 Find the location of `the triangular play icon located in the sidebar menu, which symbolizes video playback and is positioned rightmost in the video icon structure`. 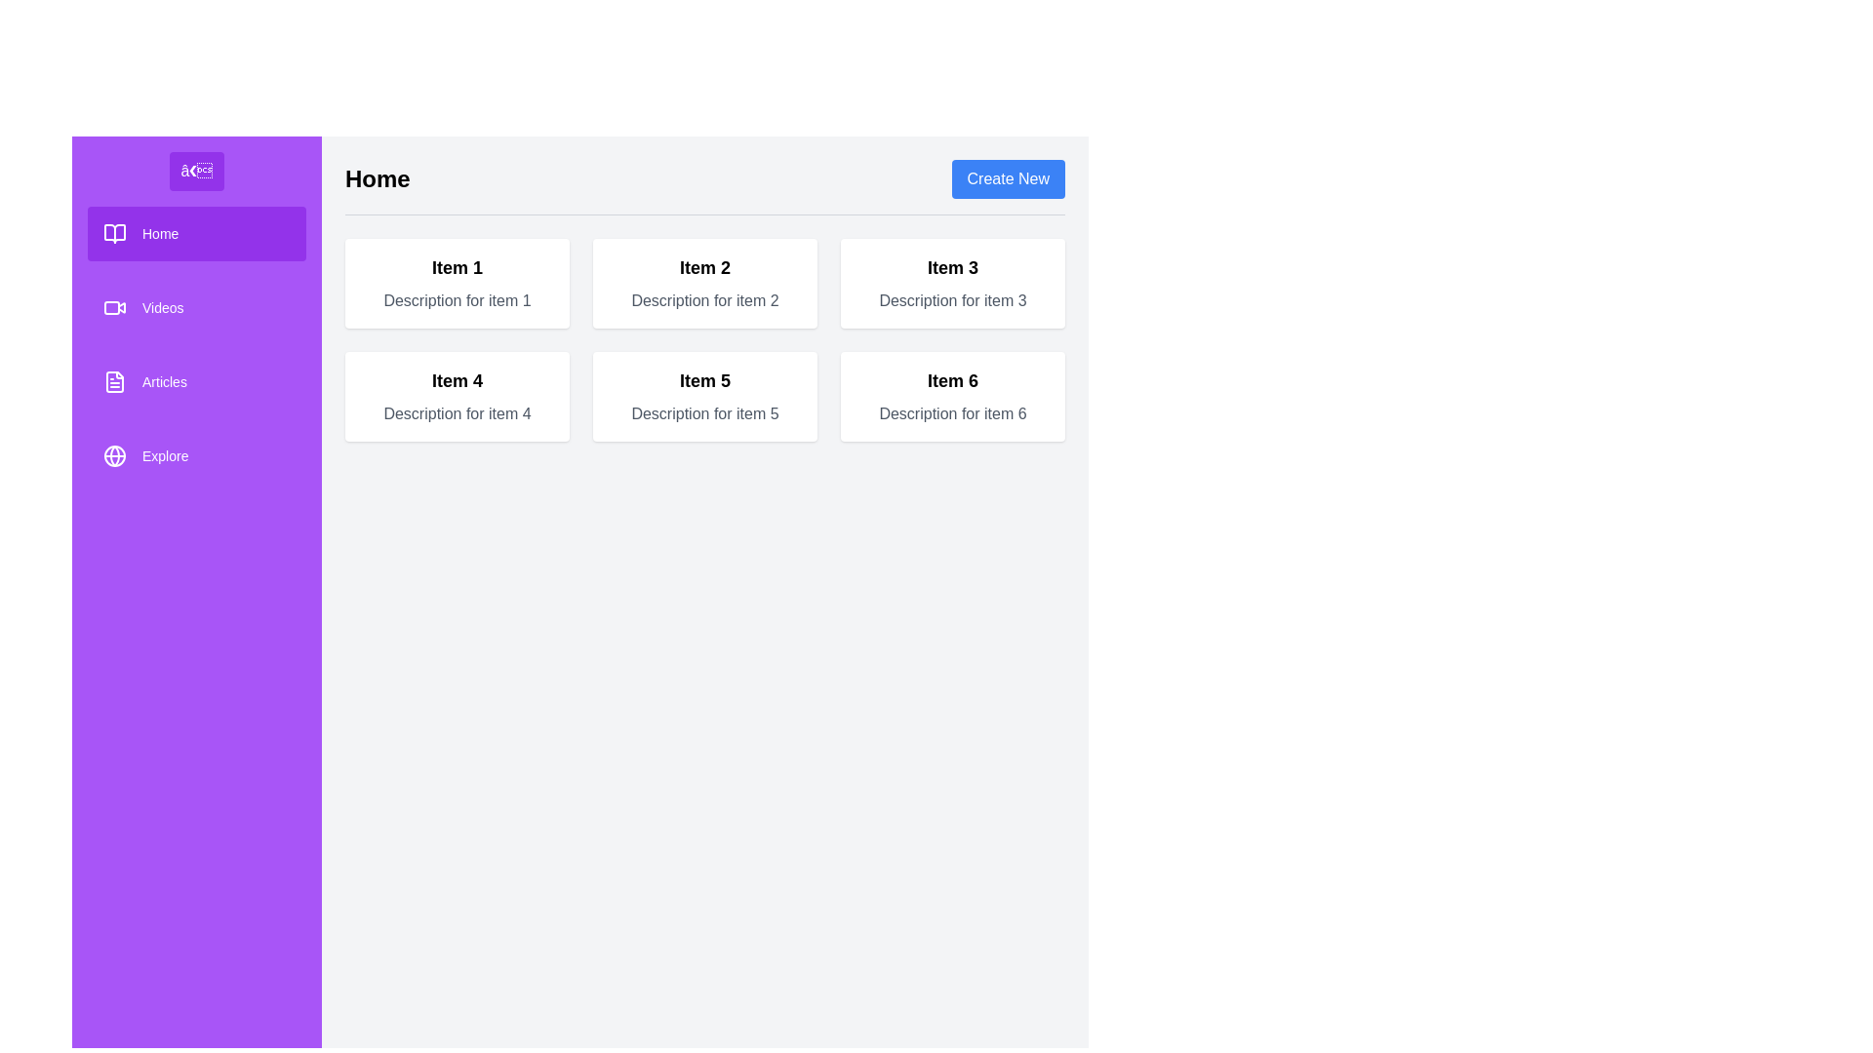

the triangular play icon located in the sidebar menu, which symbolizes video playback and is positioned rightmost in the video icon structure is located at coordinates (120, 307).